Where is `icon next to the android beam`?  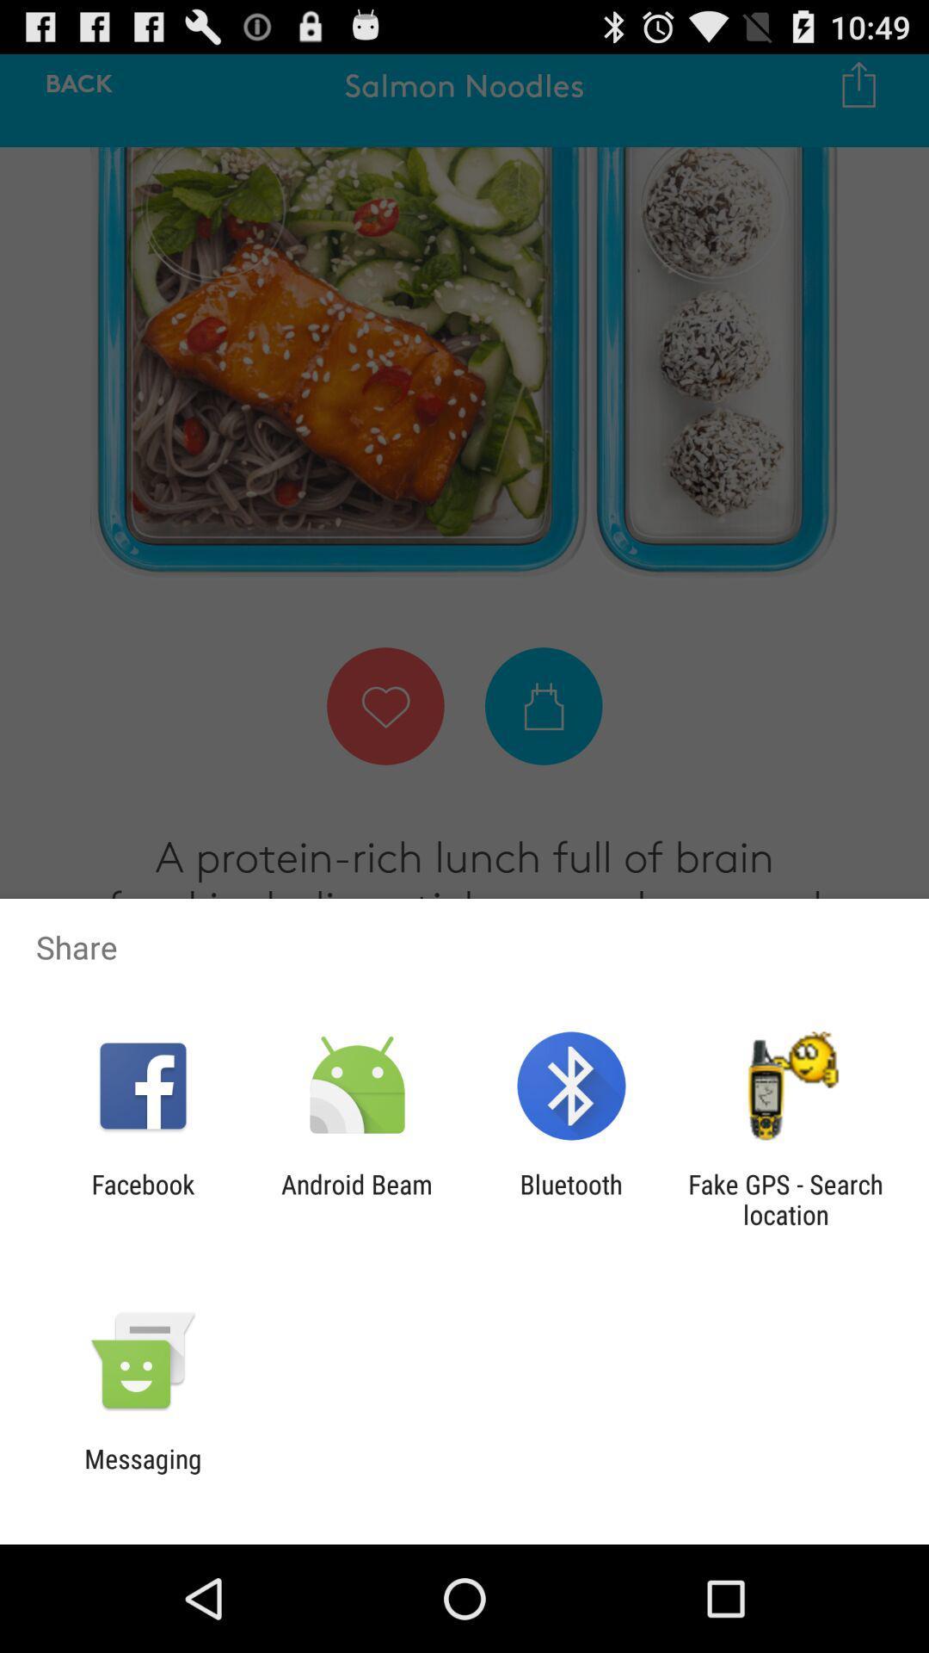
icon next to the android beam is located at coordinates (571, 1198).